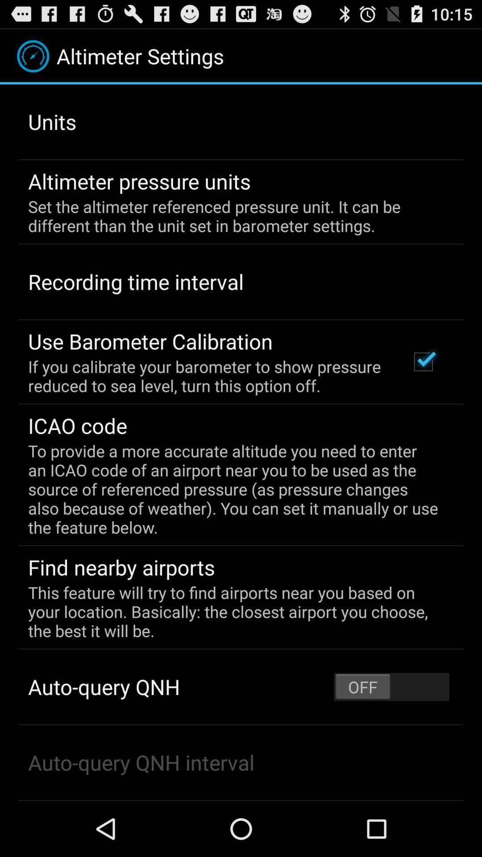  I want to click on the recording time interval icon, so click(136, 281).